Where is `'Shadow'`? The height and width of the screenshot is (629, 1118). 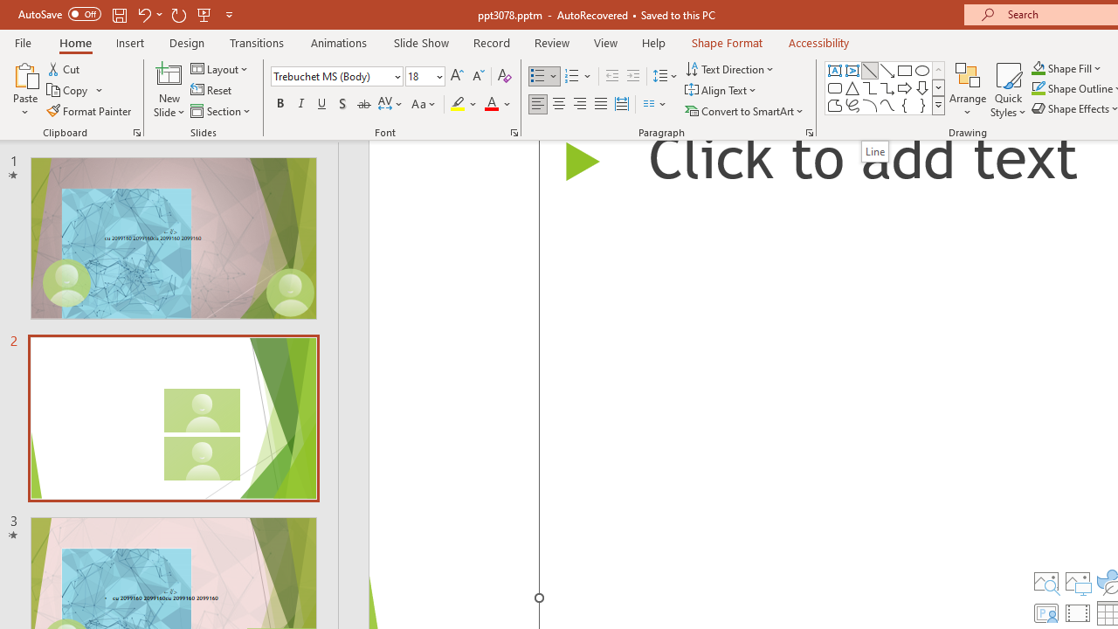
'Shadow' is located at coordinates (342, 104).